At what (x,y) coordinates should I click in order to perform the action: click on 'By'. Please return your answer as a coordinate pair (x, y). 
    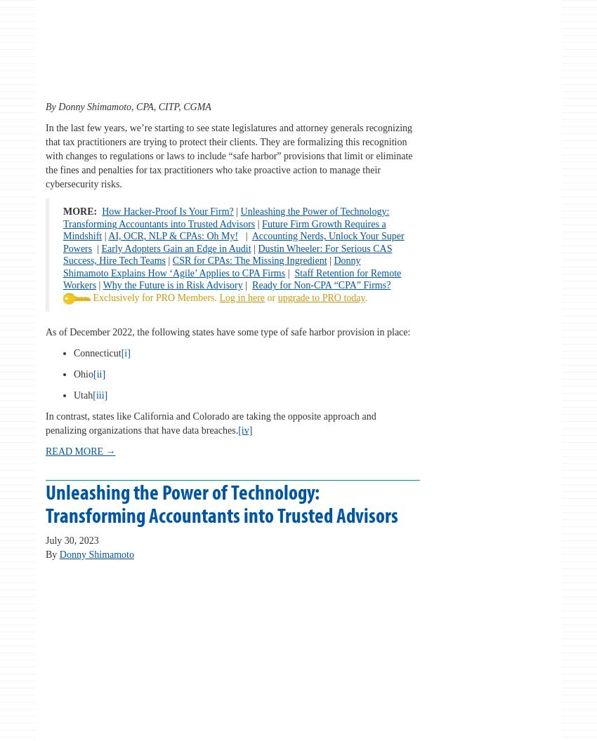
    Looking at the image, I should click on (52, 553).